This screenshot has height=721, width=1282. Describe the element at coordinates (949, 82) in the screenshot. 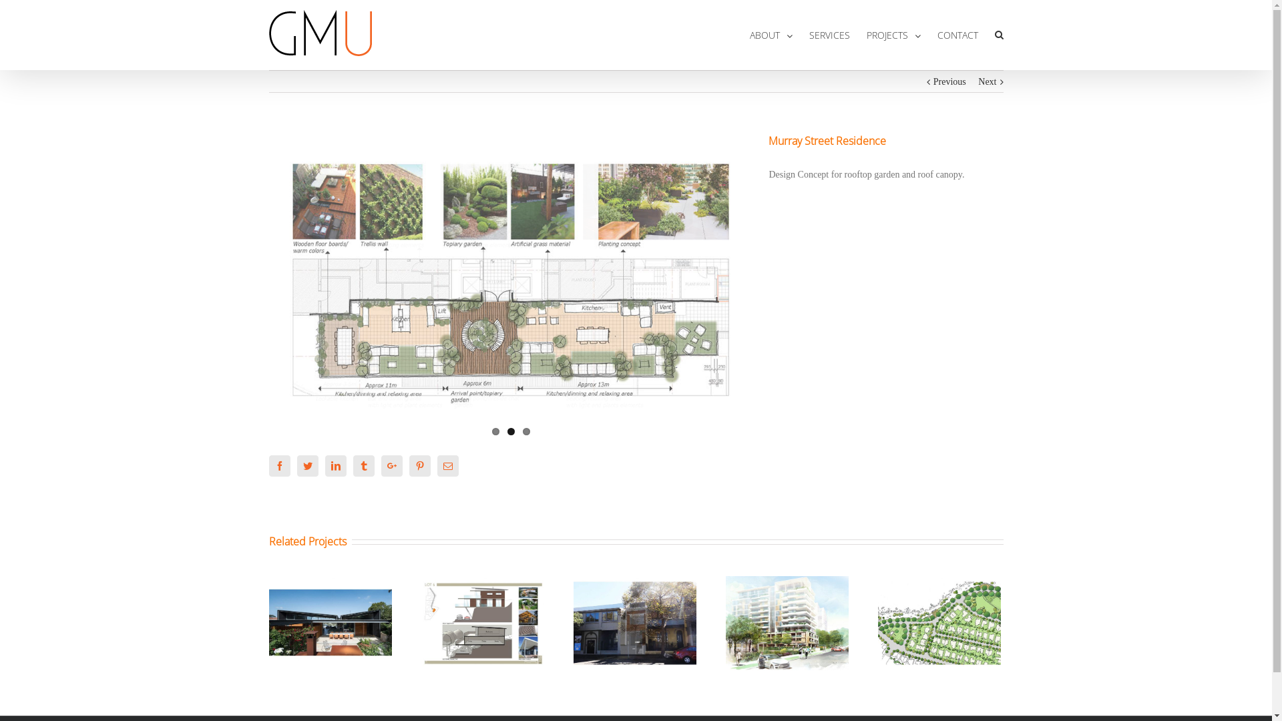

I see `'Previous'` at that location.